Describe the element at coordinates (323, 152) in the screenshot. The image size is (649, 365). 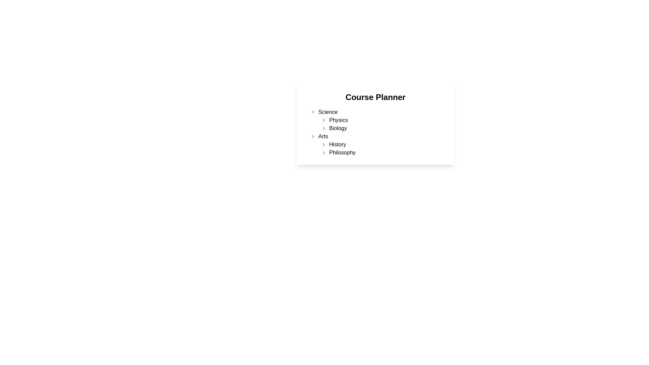
I see `the chevron icon located at the beginning of the 'Philosophy' row in the 'Arts' category` at that location.